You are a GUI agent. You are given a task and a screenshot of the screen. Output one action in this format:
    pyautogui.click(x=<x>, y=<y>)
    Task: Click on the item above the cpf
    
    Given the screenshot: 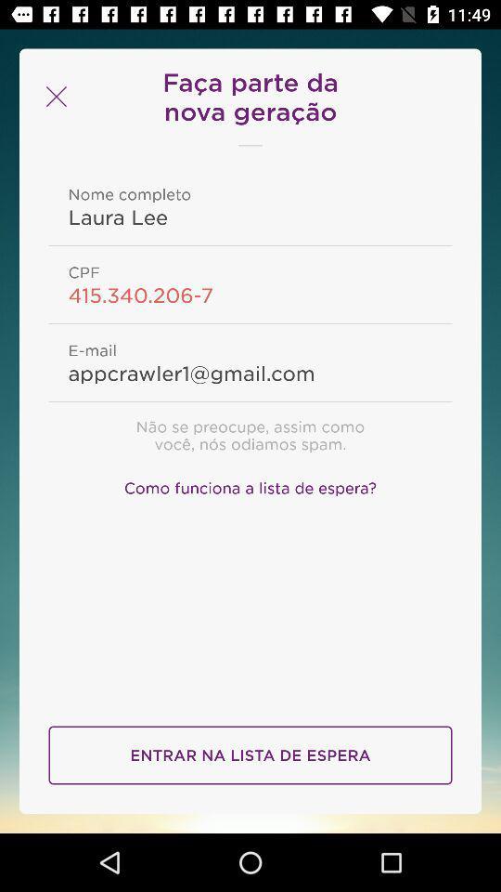 What is the action you would take?
    pyautogui.click(x=250, y=216)
    